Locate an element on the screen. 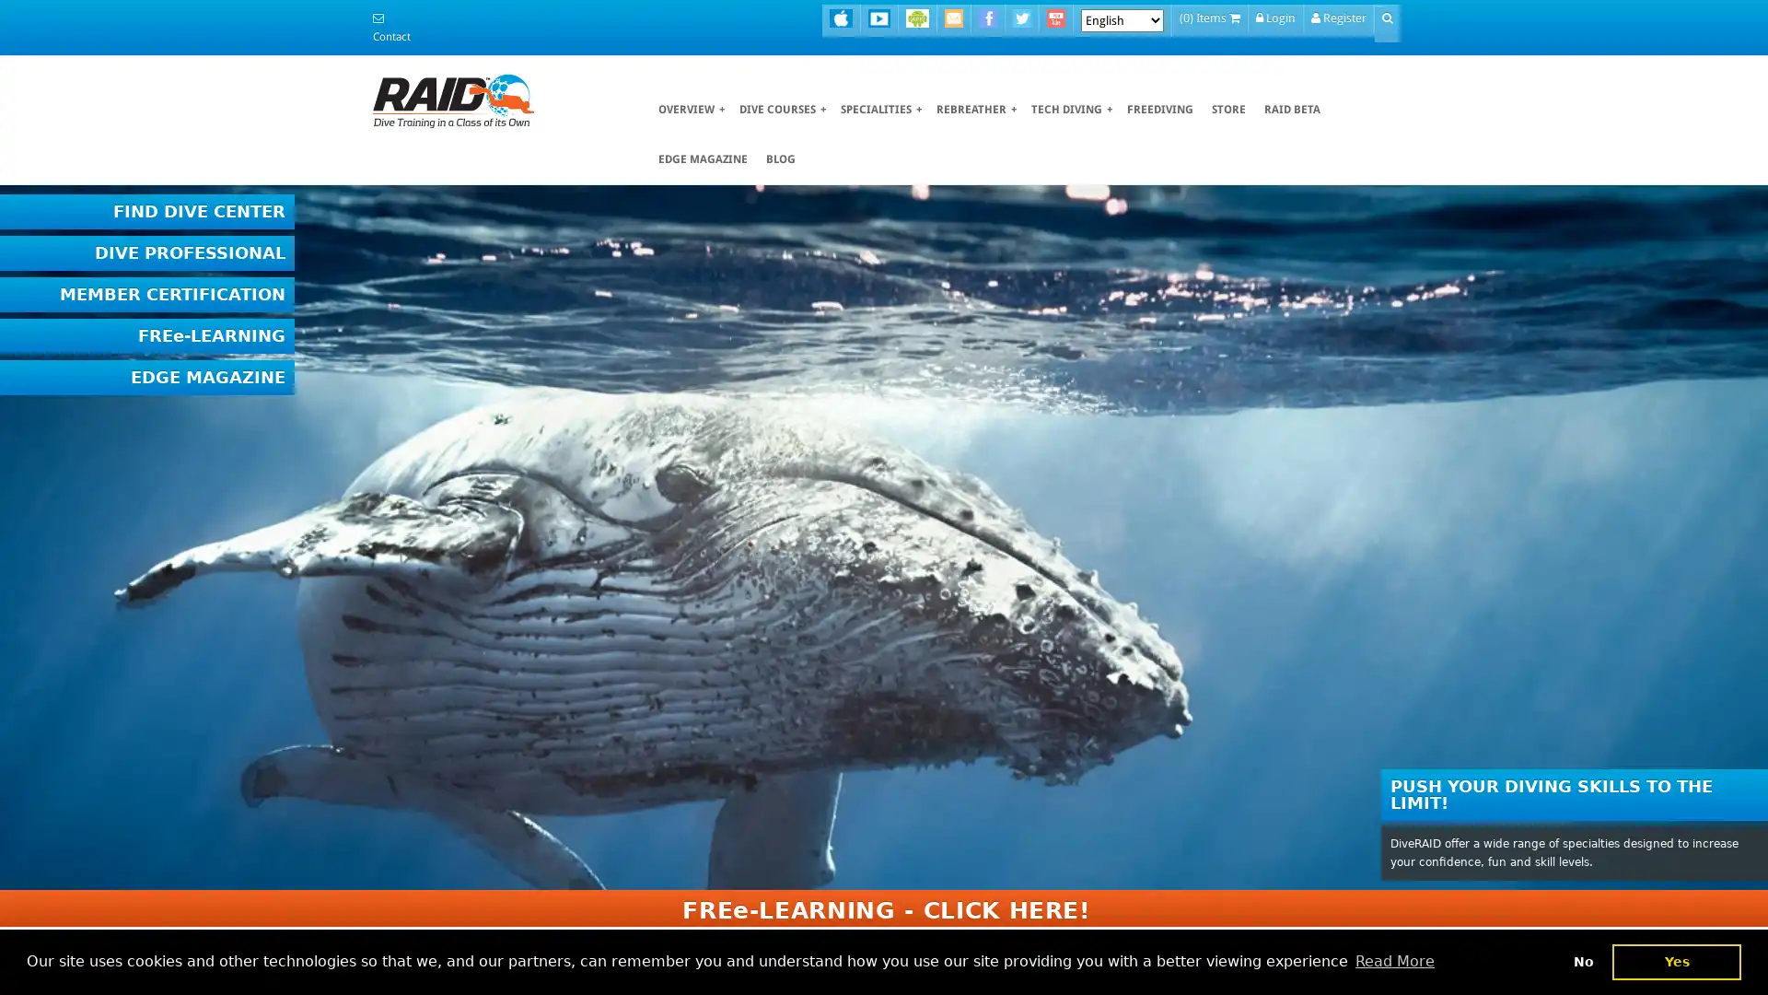  learn more about cookies is located at coordinates (1394, 961).